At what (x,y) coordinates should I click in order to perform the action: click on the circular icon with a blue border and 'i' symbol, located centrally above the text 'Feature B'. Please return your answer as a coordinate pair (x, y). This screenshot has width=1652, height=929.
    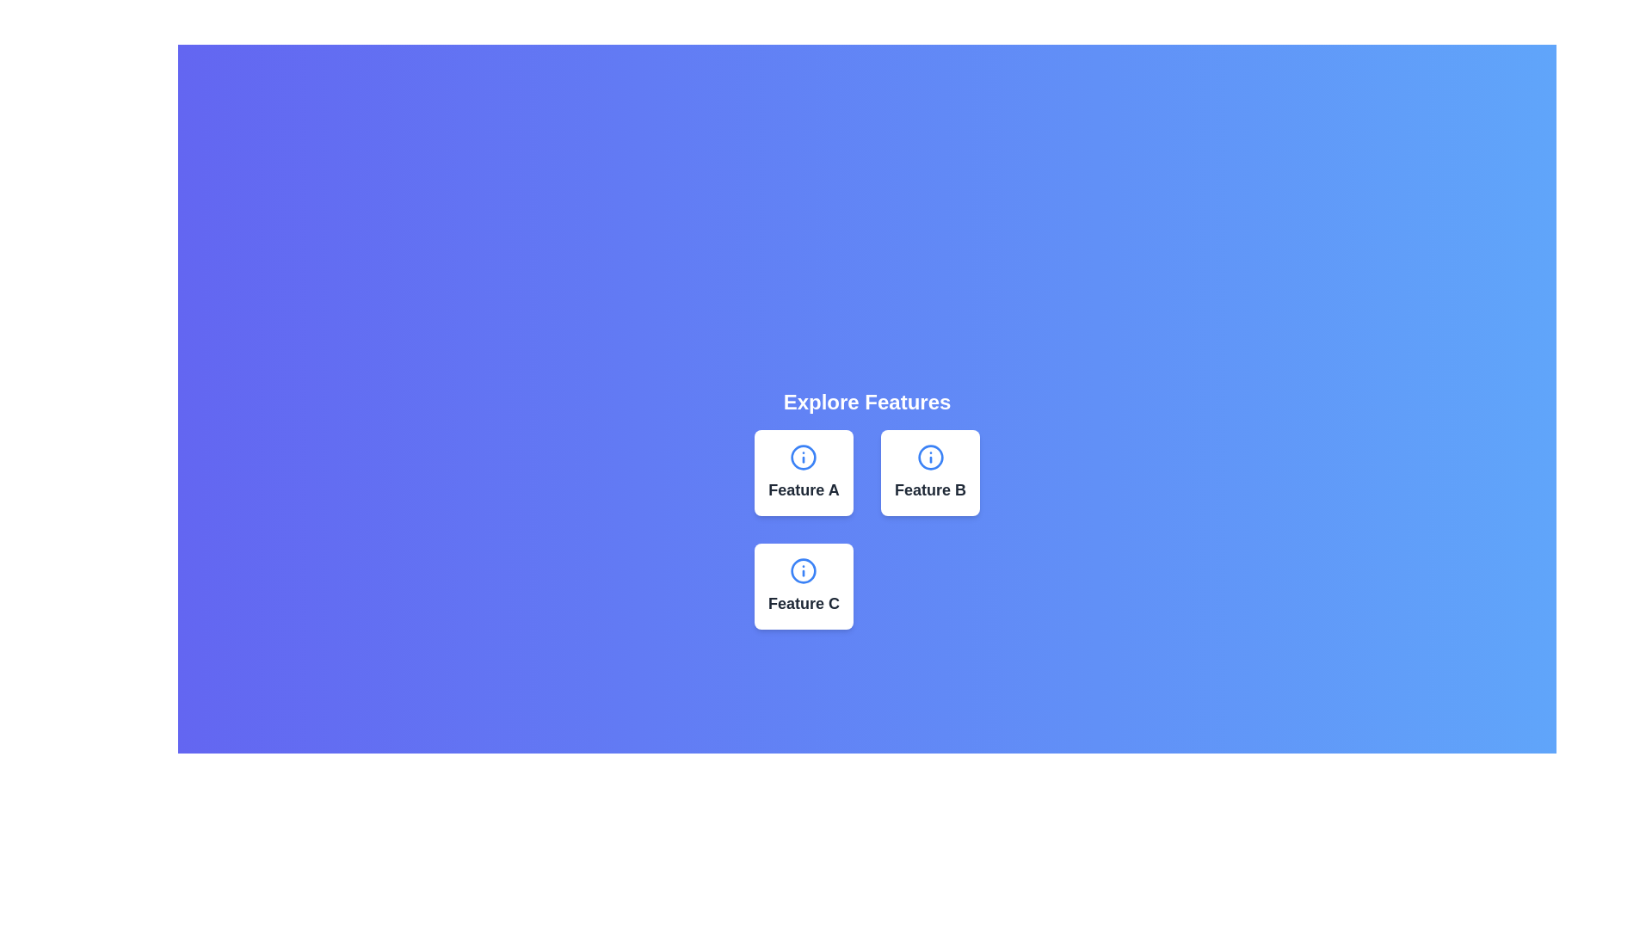
    Looking at the image, I should click on (929, 457).